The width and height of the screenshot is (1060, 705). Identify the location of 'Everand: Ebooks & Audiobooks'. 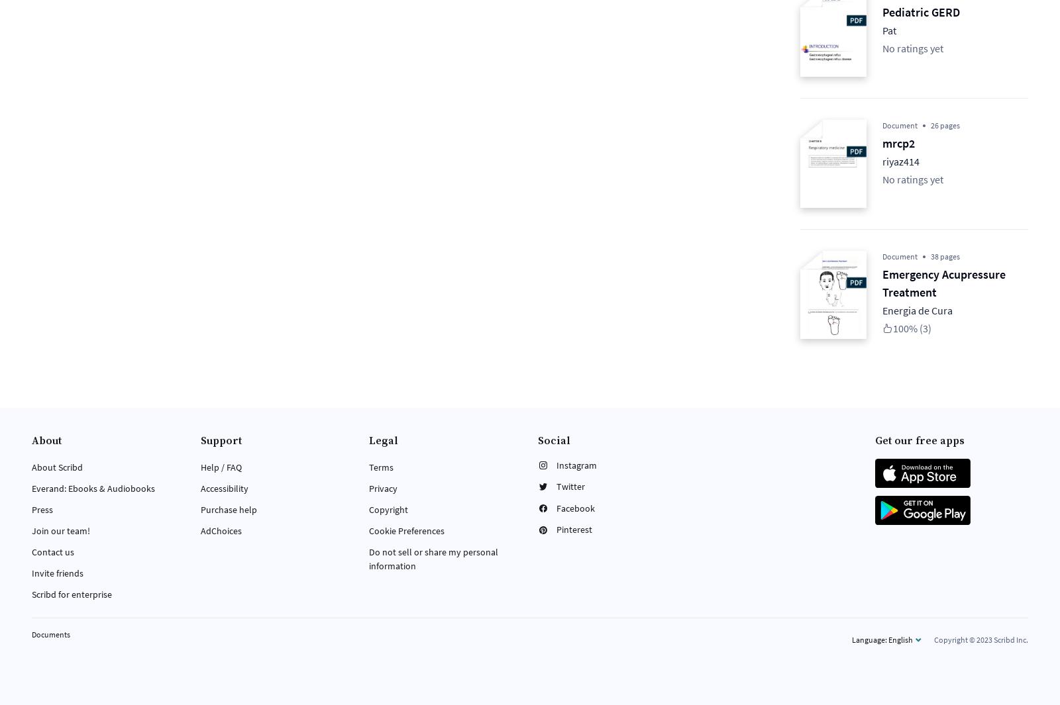
(31, 487).